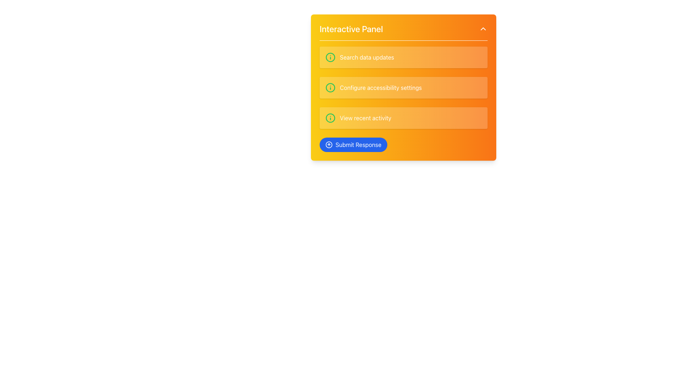 Image resolution: width=695 pixels, height=390 pixels. Describe the element at coordinates (366, 118) in the screenshot. I see `the text label displaying 'View recent activity' in white font, which is centrally located at the bottom of the 'Interactive Panel' box` at that location.